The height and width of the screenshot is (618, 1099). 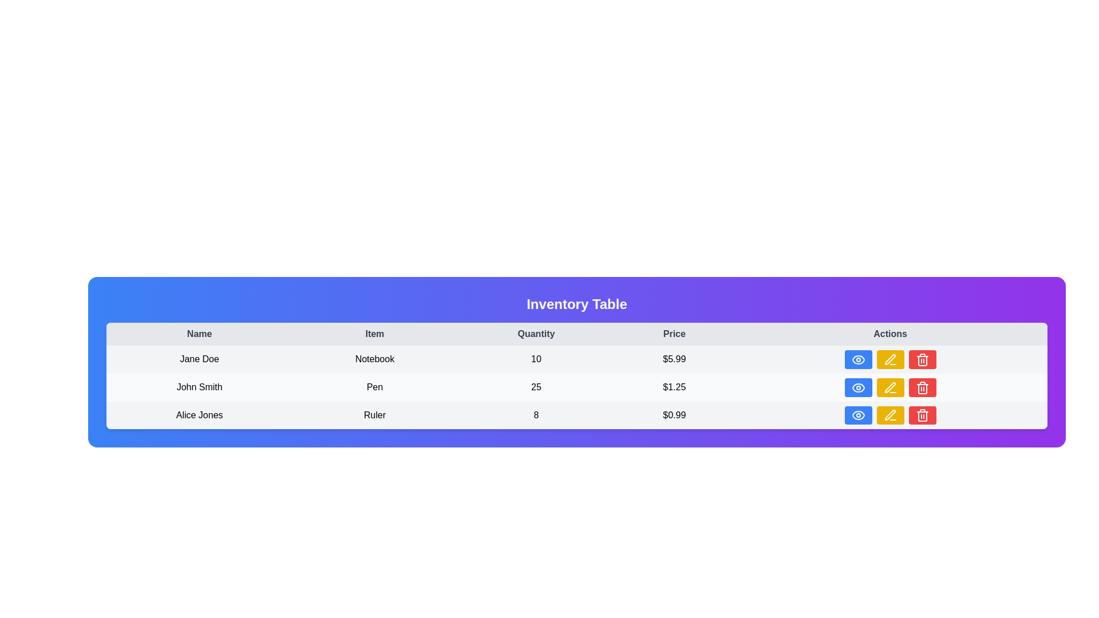 What do you see at coordinates (890, 359) in the screenshot?
I see `the edit button represented by a pen icon in the 'Actions' column for the row corresponding to 'John Smith' to initiate an edit operation` at bounding box center [890, 359].